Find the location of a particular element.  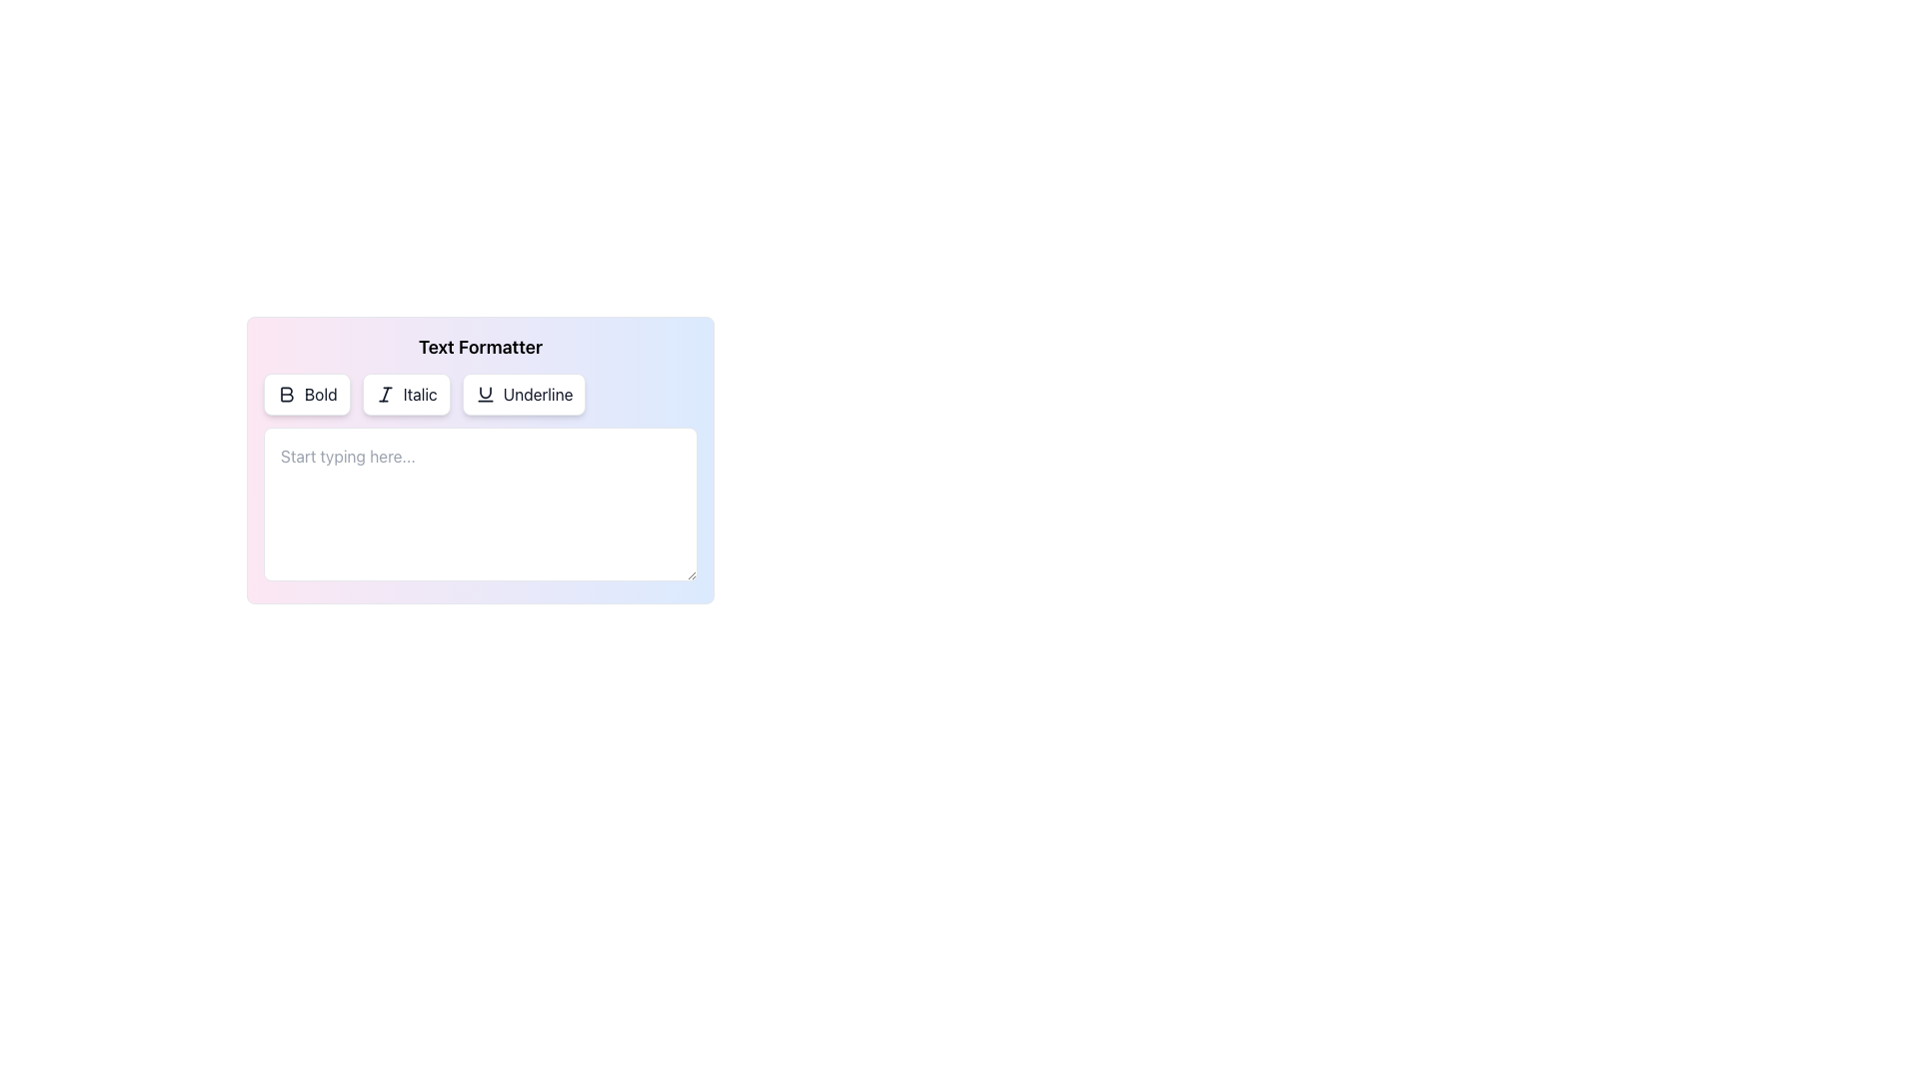

the underline text formatting icon located within the 'Underline' button, which is the third button in the top center toolbar group is located at coordinates (485, 394).